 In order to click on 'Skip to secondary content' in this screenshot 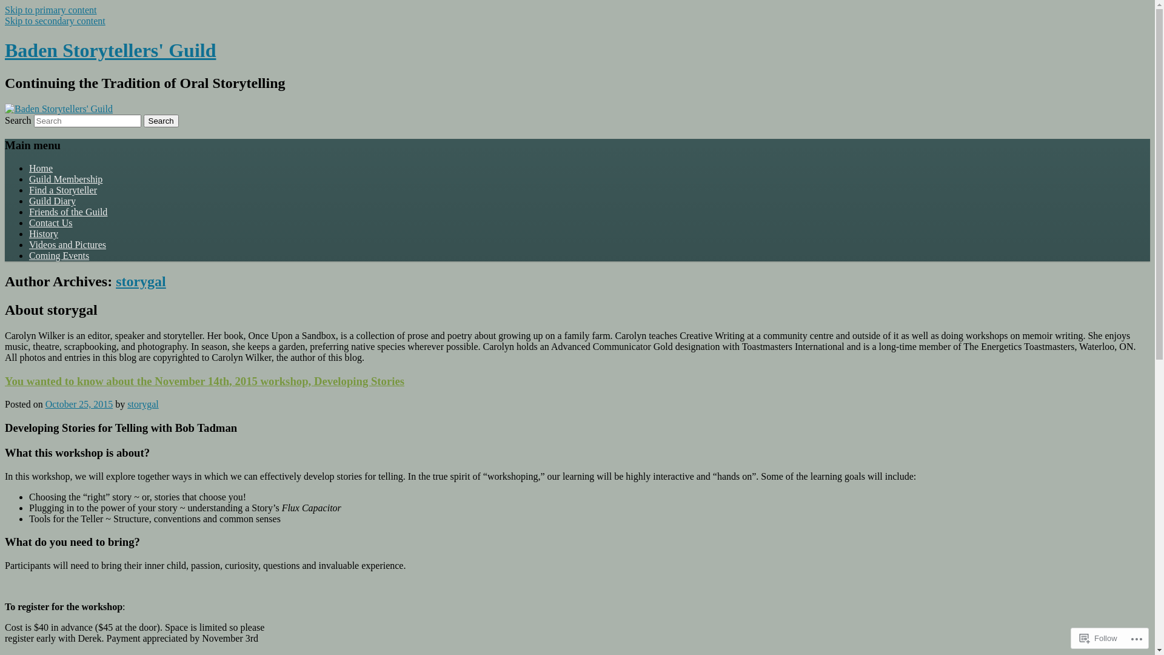, I will do `click(55, 21)`.